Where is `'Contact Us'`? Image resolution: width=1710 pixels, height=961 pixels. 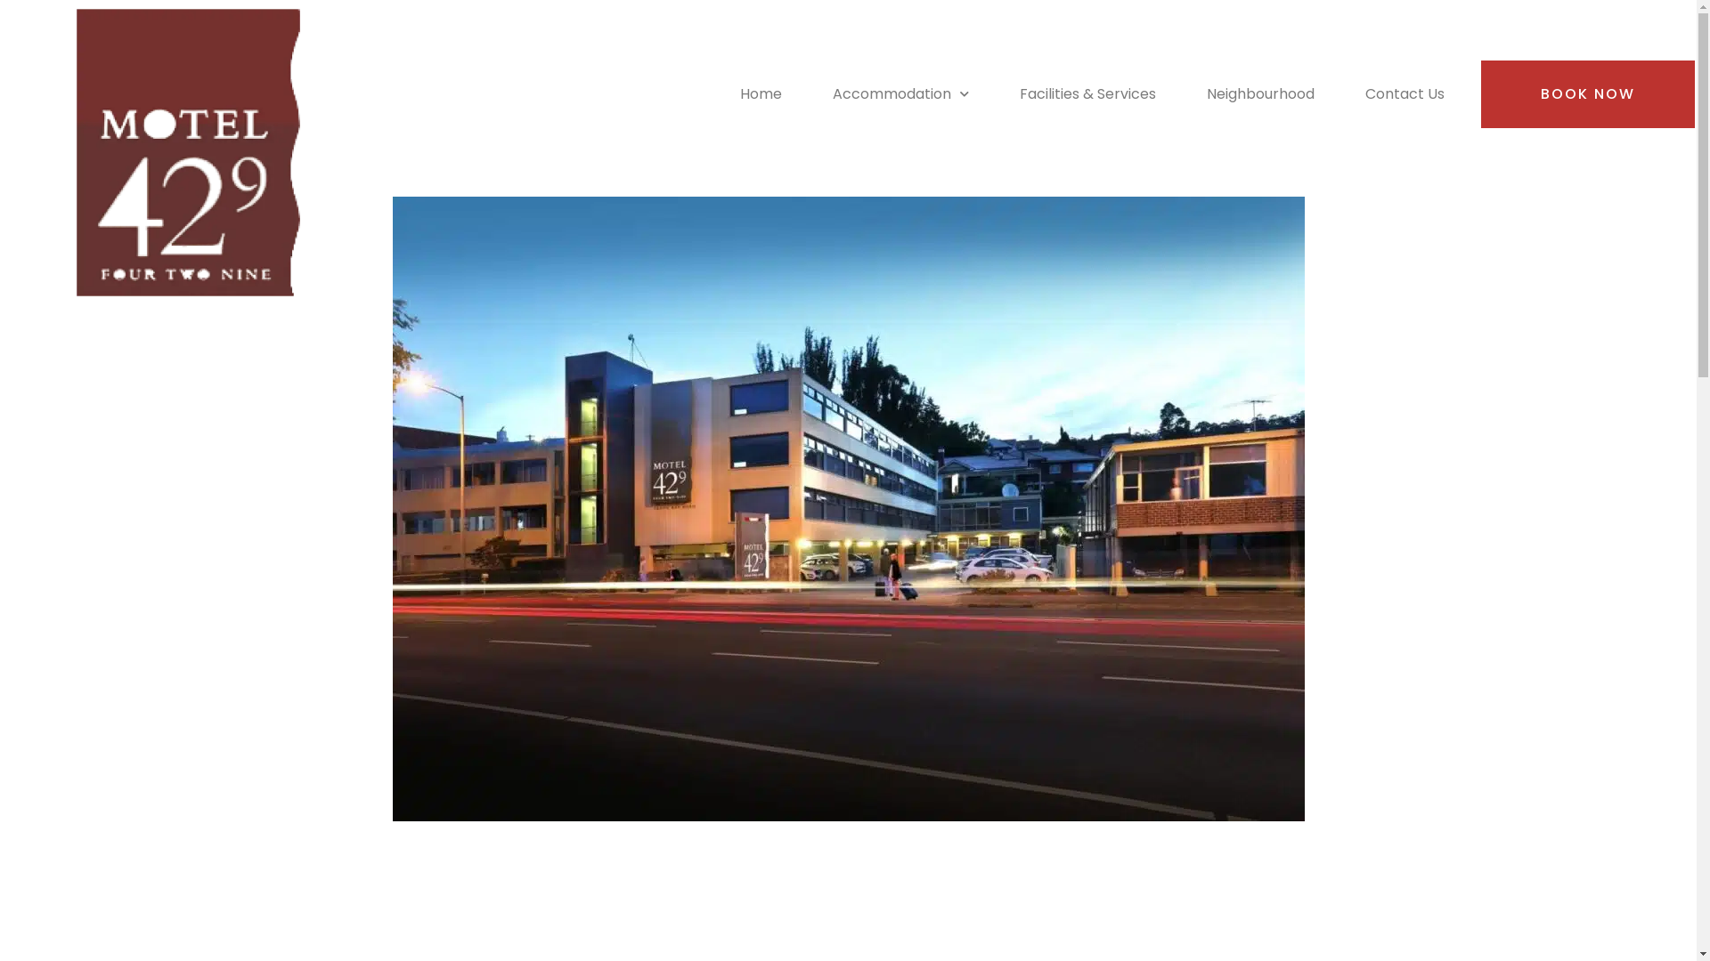 'Contact Us' is located at coordinates (1404, 93).